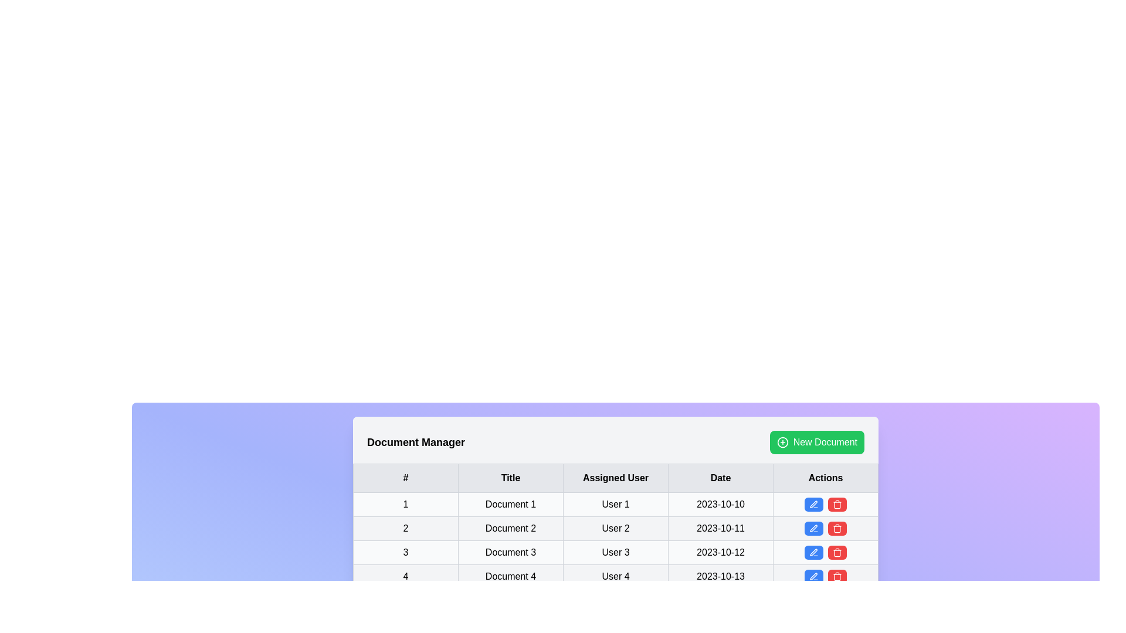  I want to click on the 'Edit' action icon located in the first row of the 'Actions' column in the table, so click(813, 503).